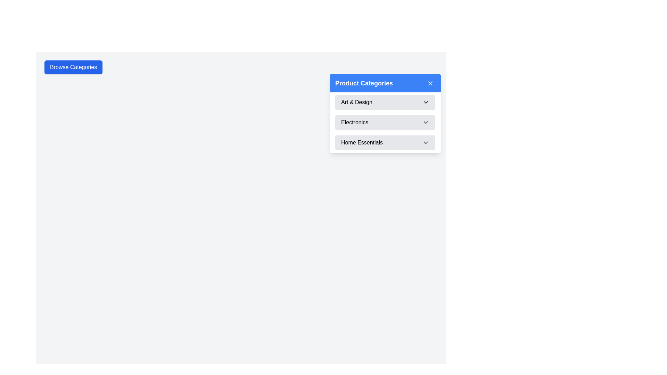 Image resolution: width=667 pixels, height=375 pixels. Describe the element at coordinates (430, 83) in the screenshot. I see `the close icon located in the top-right corner of the blue header section of the 'Product Categories' card` at that location.